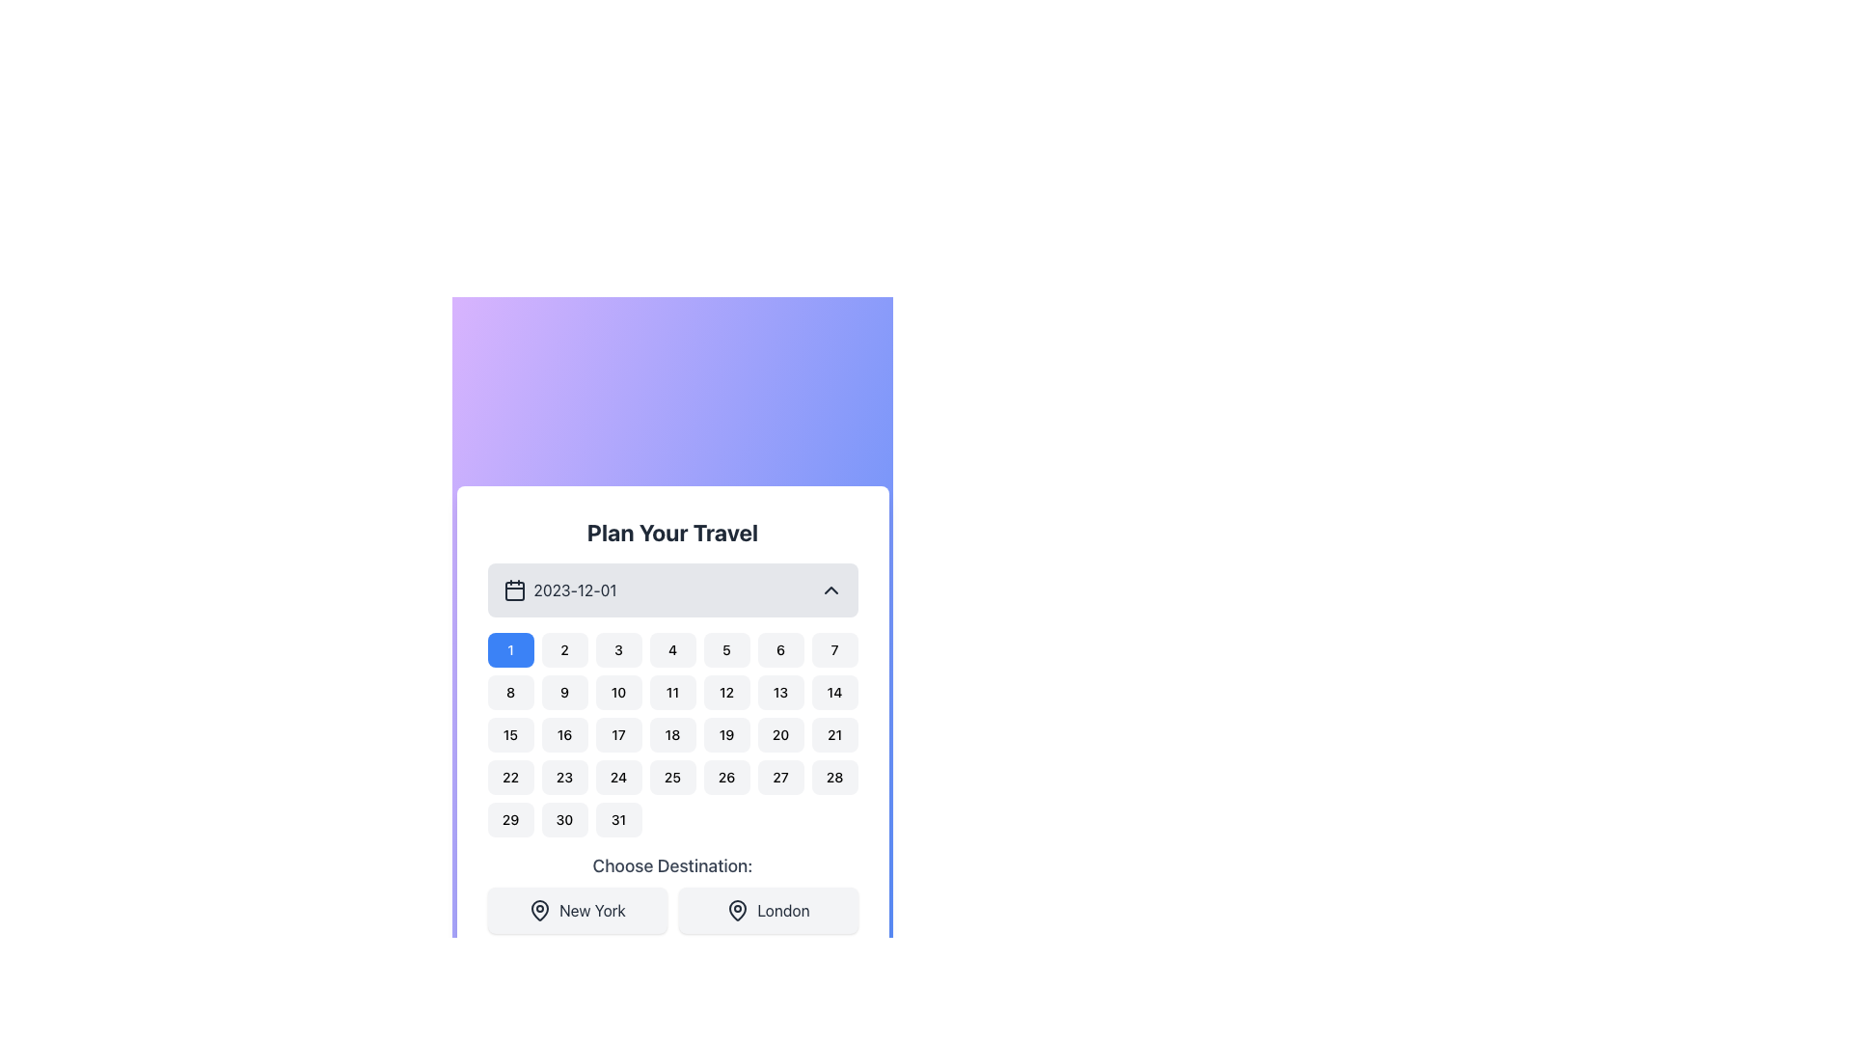 The width and height of the screenshot is (1852, 1042). Describe the element at coordinates (834, 691) in the screenshot. I see `the button displaying the number '14' with a light gray background in the second row and seventh column of the grid to trigger the hover effect that changes the background color to blue` at that location.